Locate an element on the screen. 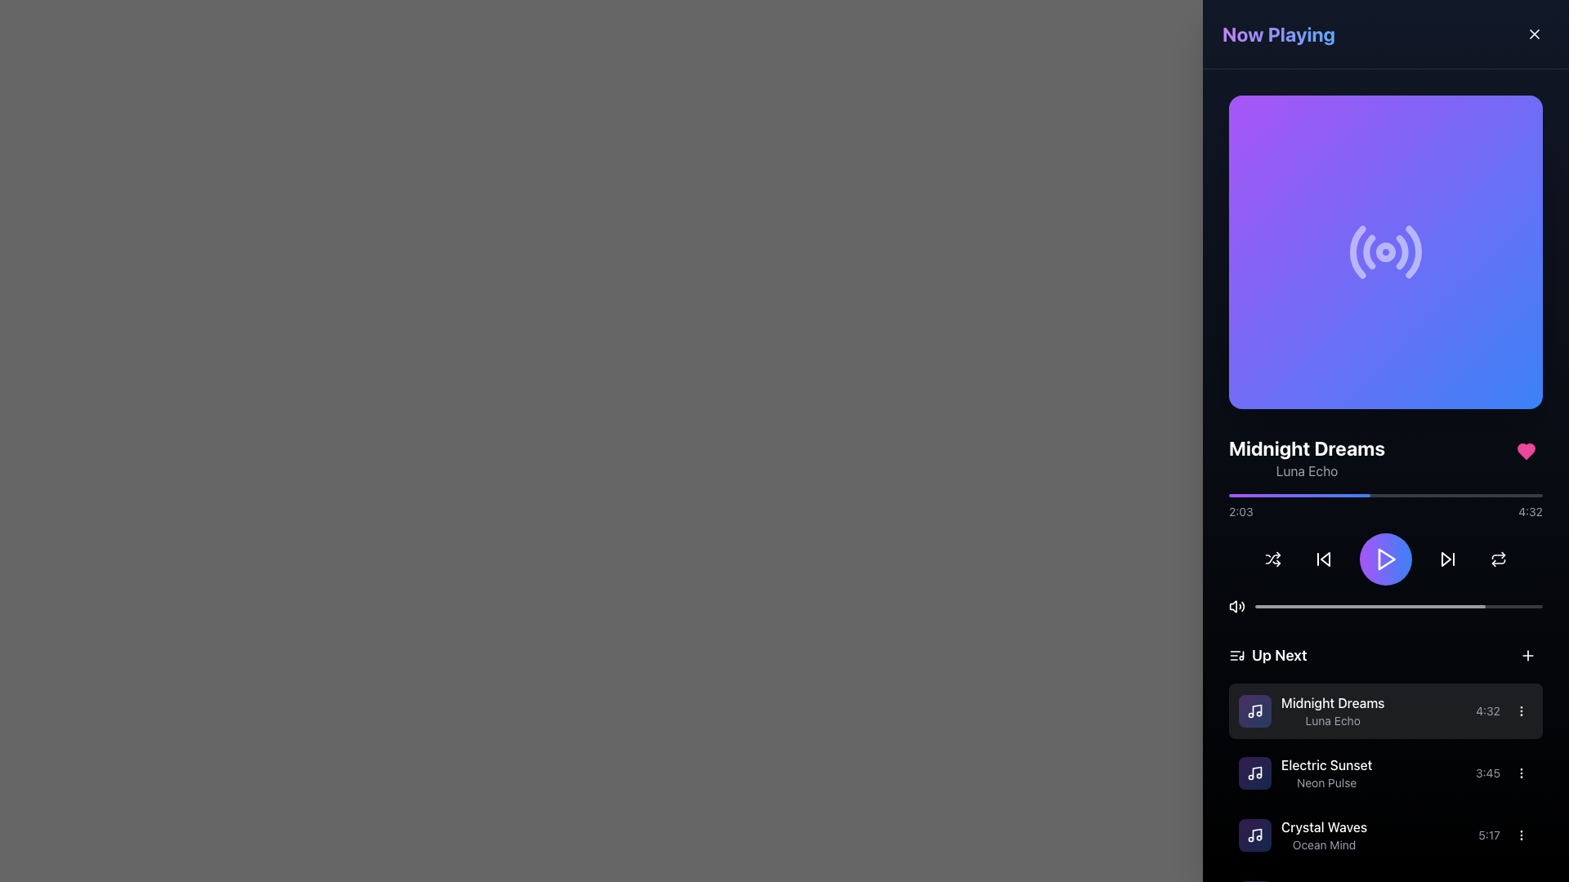 Image resolution: width=1569 pixels, height=882 pixels. to select the third track item in the playlist under the 'Up Next' section, which provides details such as title, artist, and duration is located at coordinates (1384, 835).